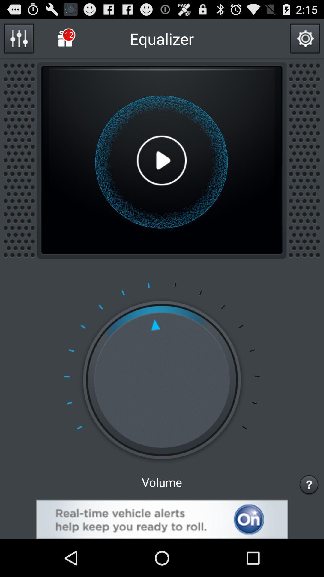 The image size is (324, 577). I want to click on the help icon, so click(309, 518).